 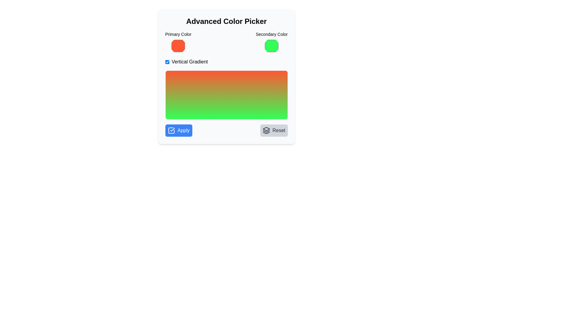 I want to click on text content of the 'Reset' label, which is a small, centered text in dark gray within a light gray button located at the bottom right corner of the interface, so click(x=278, y=130).